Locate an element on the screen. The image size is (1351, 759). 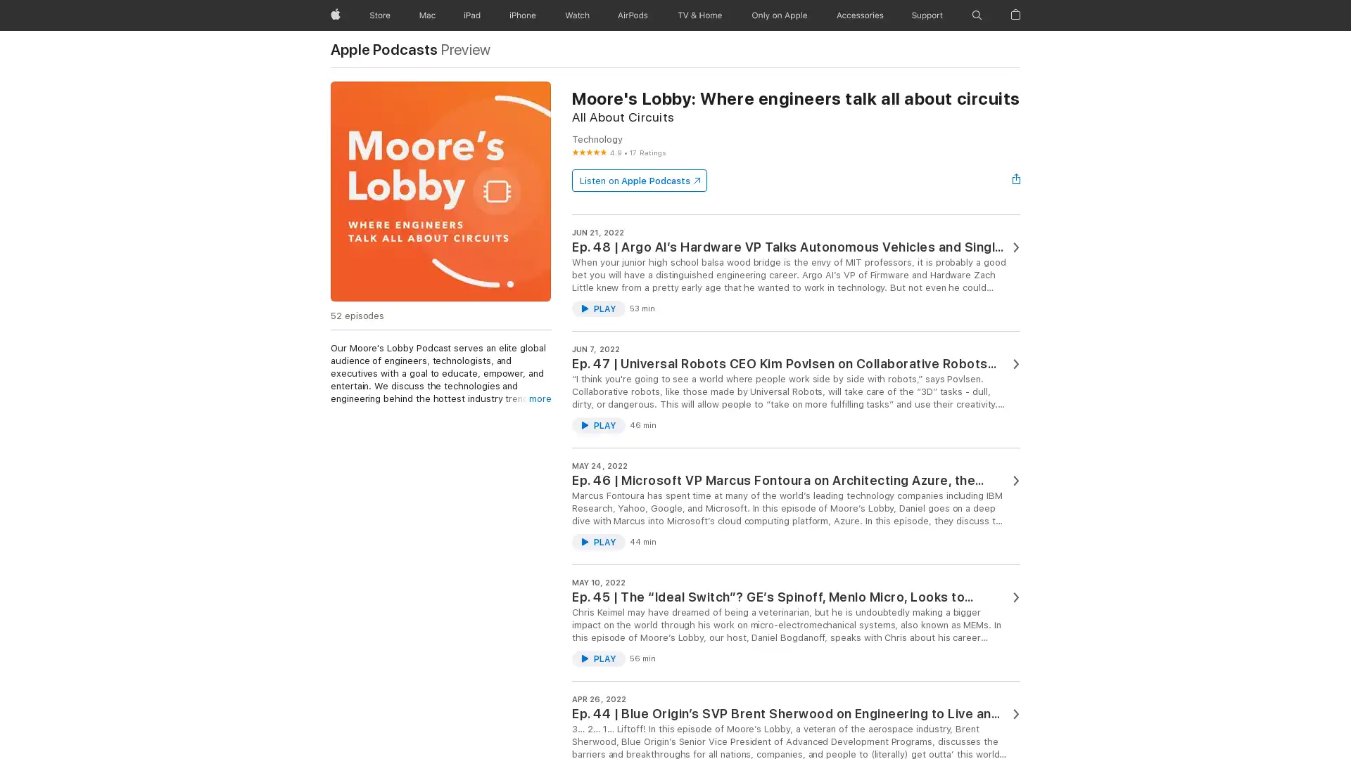
Play Ep. 48 | Argo AIs Hardware VP Talks Autonomous Vehicles and Single Photon Lidar by @@podcastArtist@@ is located at coordinates (598, 308).